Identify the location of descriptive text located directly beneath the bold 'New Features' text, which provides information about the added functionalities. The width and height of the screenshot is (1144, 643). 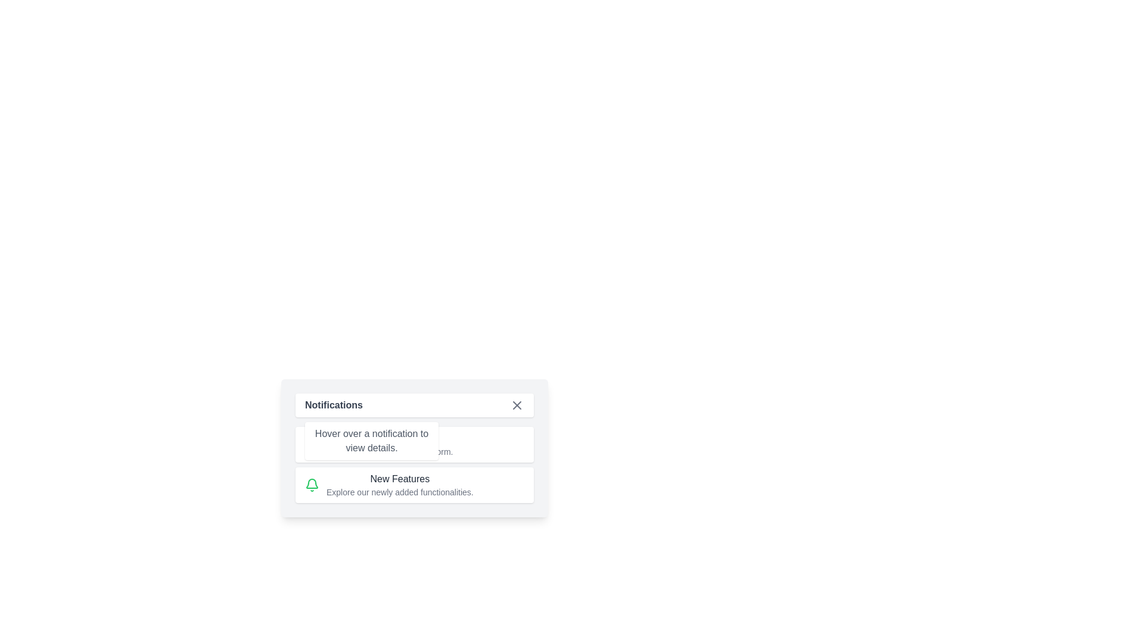
(400, 492).